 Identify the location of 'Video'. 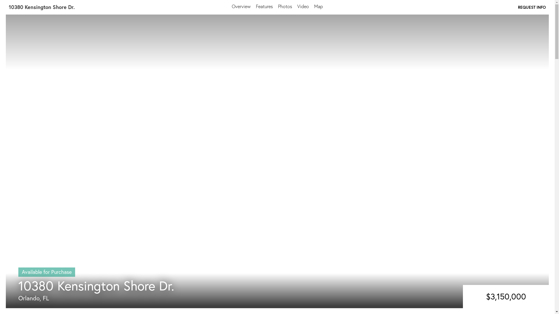
(303, 6).